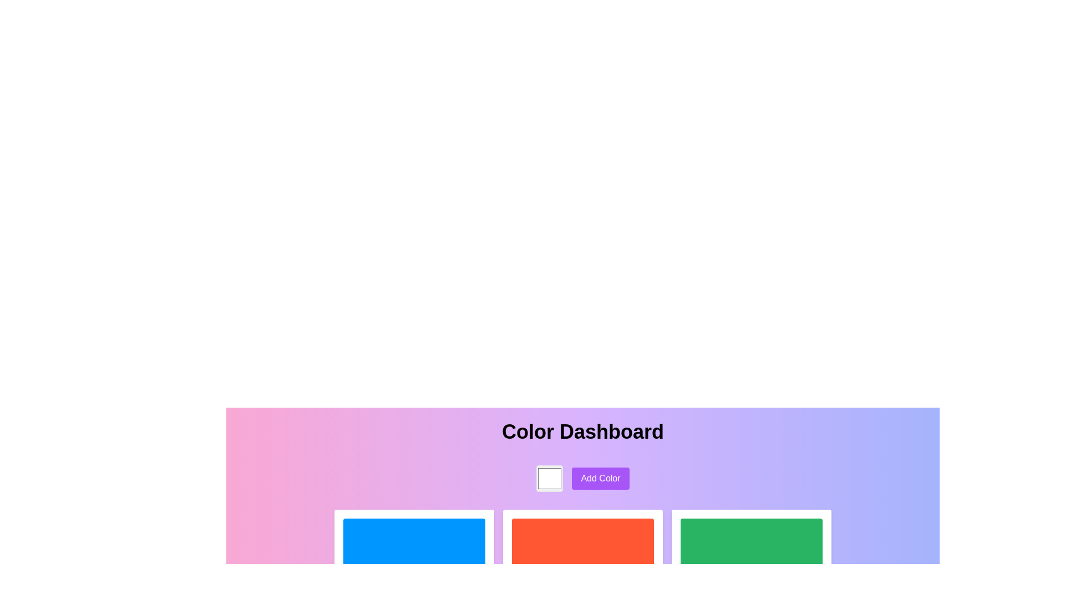 The width and height of the screenshot is (1065, 599). Describe the element at coordinates (582, 478) in the screenshot. I see `the 'Add Color' button, which has a purple background and rounded corners, located beneath the 'Color Dashboard' title and to the right of the color selector box` at that location.